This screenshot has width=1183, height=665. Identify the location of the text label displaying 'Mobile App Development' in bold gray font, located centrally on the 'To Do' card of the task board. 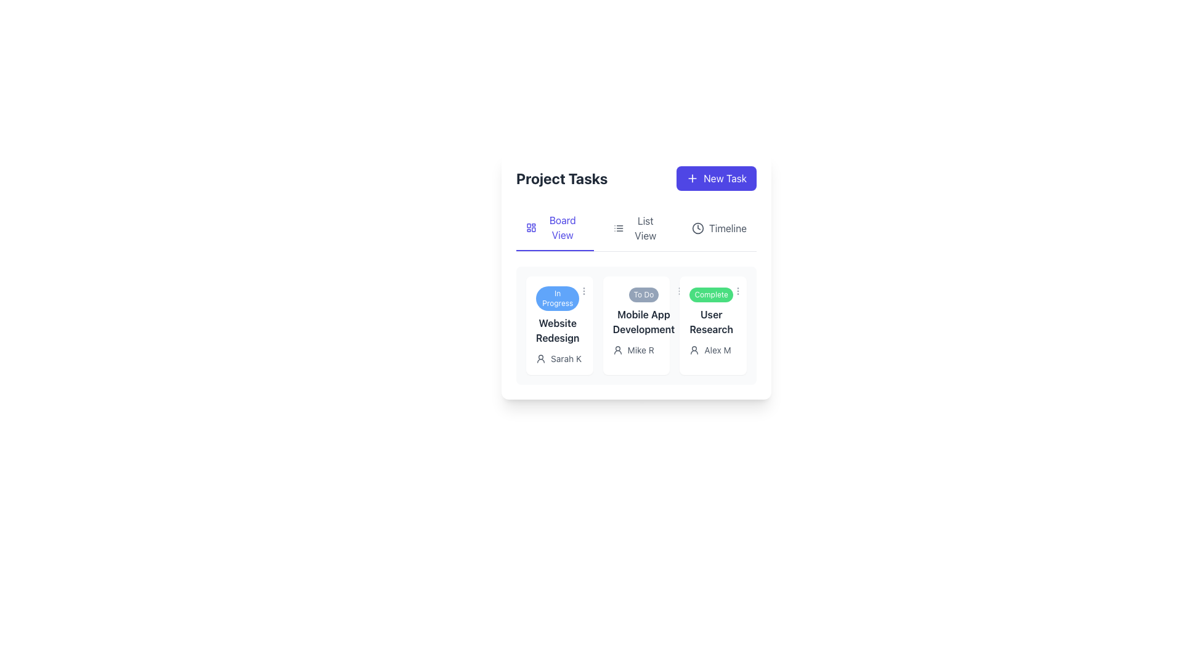
(643, 321).